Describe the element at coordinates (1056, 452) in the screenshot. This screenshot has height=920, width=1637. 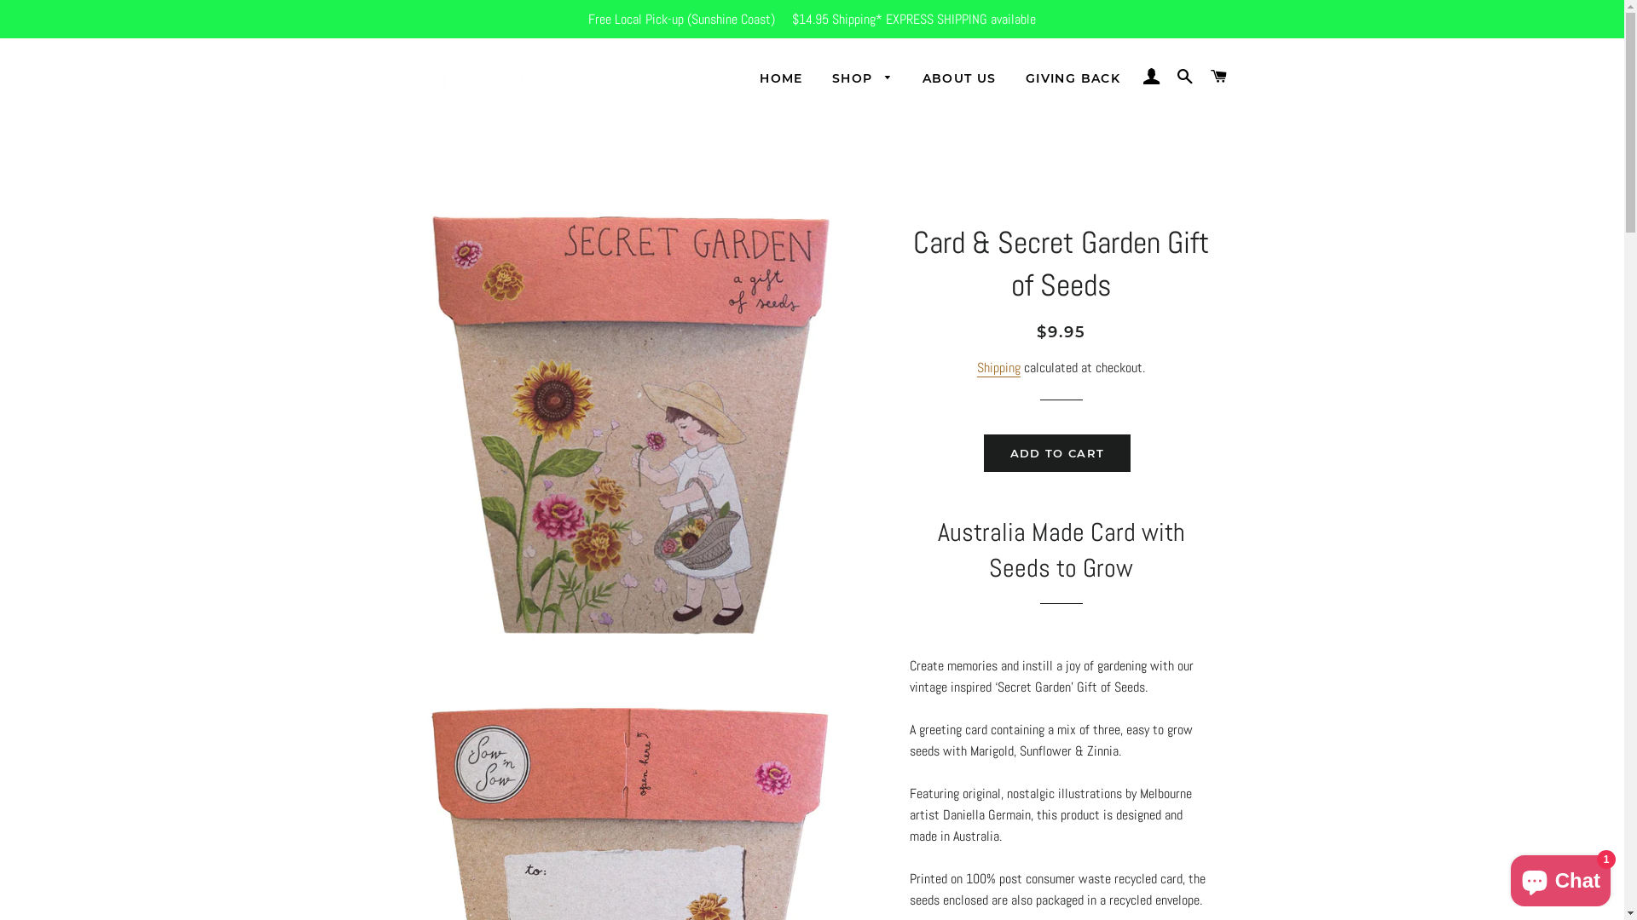
I see `'ADD TO CART'` at that location.